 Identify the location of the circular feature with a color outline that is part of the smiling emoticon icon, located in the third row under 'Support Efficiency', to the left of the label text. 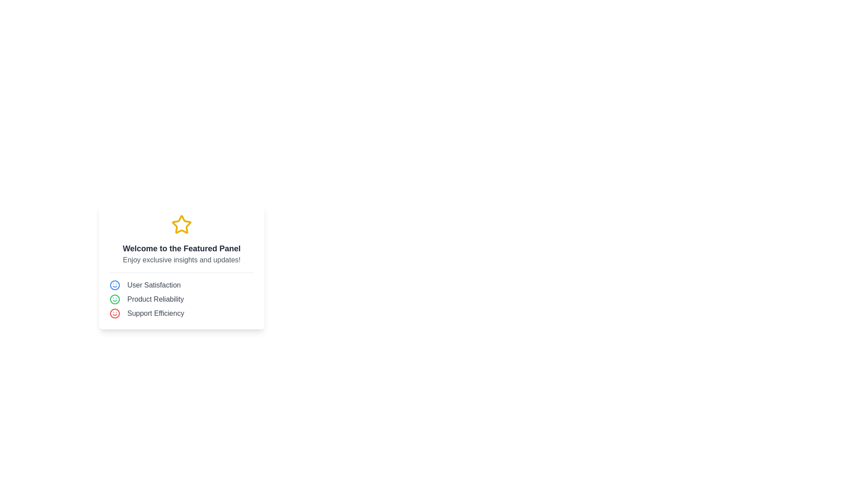
(114, 313).